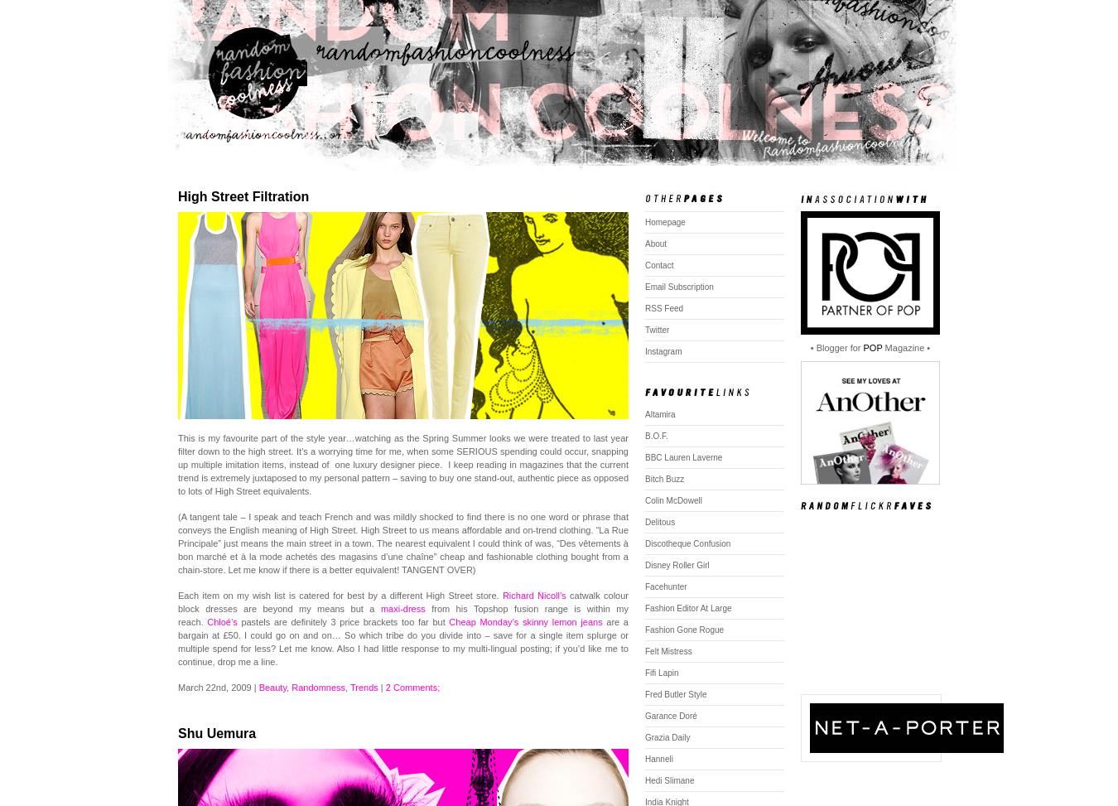  Describe the element at coordinates (664, 479) in the screenshot. I see `'Bitch Buzz'` at that location.